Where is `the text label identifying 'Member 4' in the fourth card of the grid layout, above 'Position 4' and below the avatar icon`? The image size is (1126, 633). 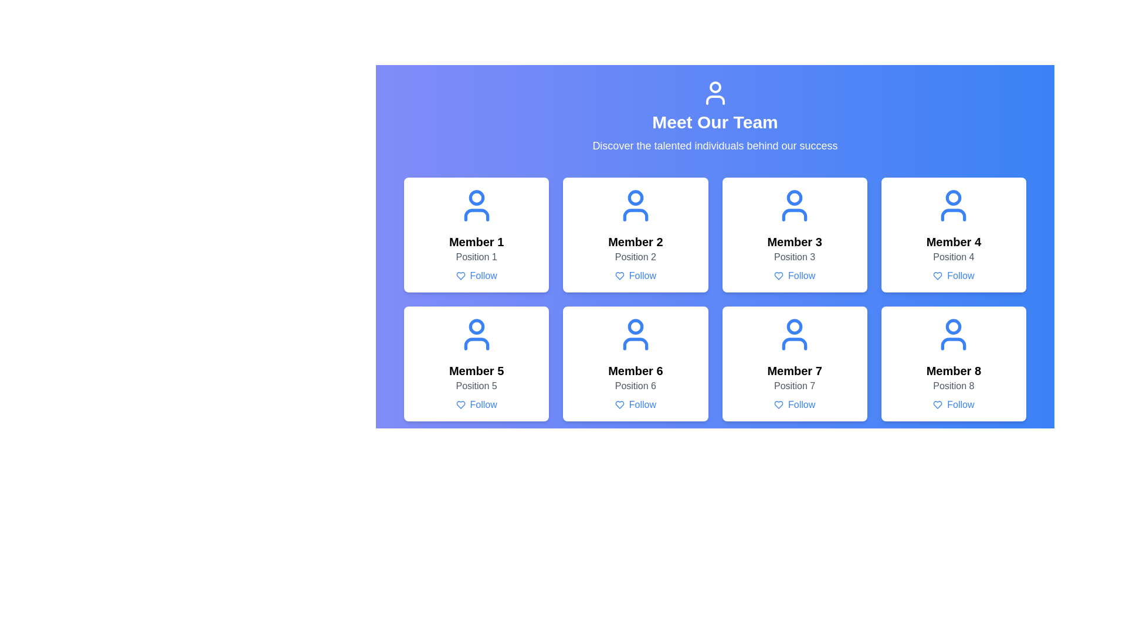
the text label identifying 'Member 4' in the fourth card of the grid layout, above 'Position 4' and below the avatar icon is located at coordinates (954, 241).